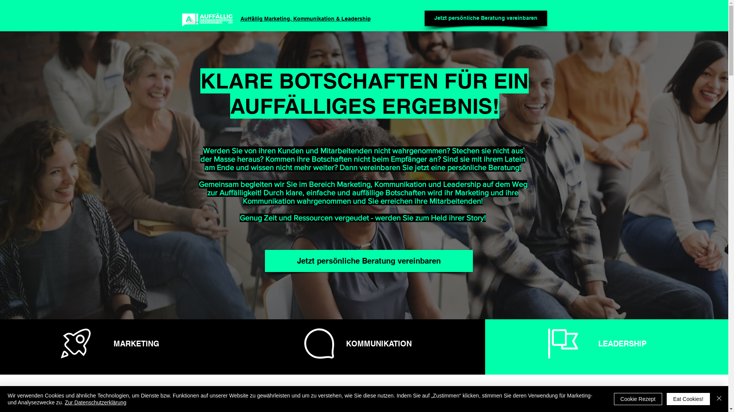 The height and width of the screenshot is (412, 734). What do you see at coordinates (688, 398) in the screenshot?
I see `'Eat Cookies!'` at bounding box center [688, 398].